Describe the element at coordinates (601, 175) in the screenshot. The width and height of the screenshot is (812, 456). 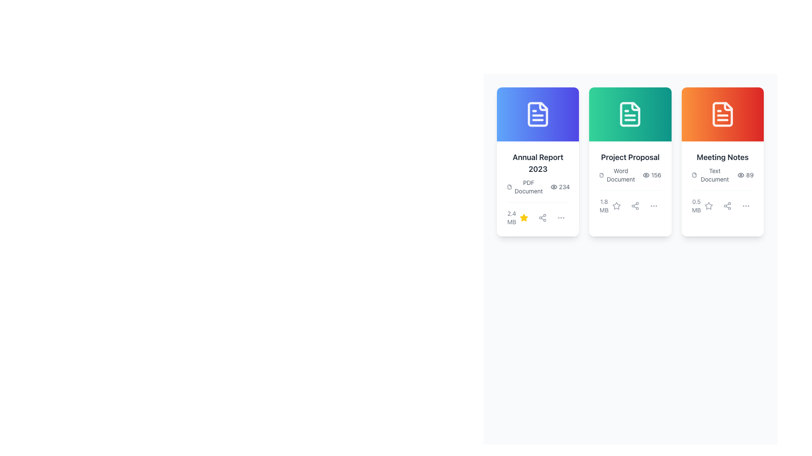
I see `the Word file icon, which is the leftmost part of the group next to the text 'Word Document' in the 'Project Proposal' card` at that location.